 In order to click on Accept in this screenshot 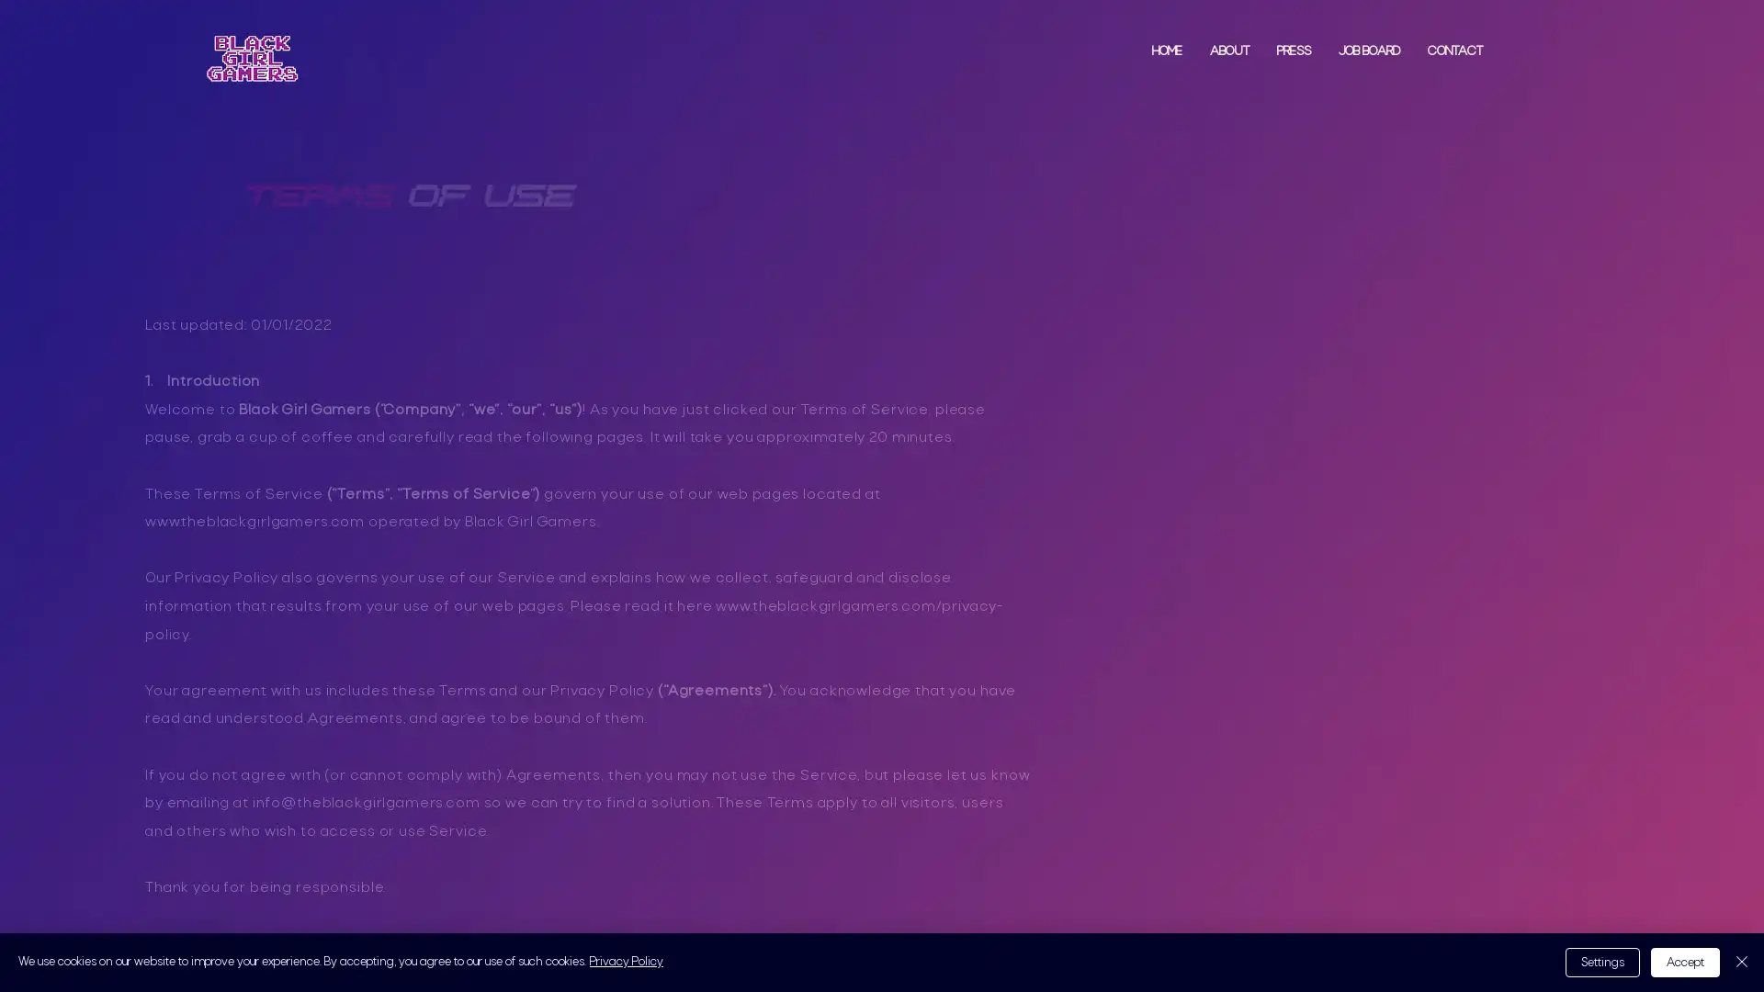, I will do `click(1685, 962)`.